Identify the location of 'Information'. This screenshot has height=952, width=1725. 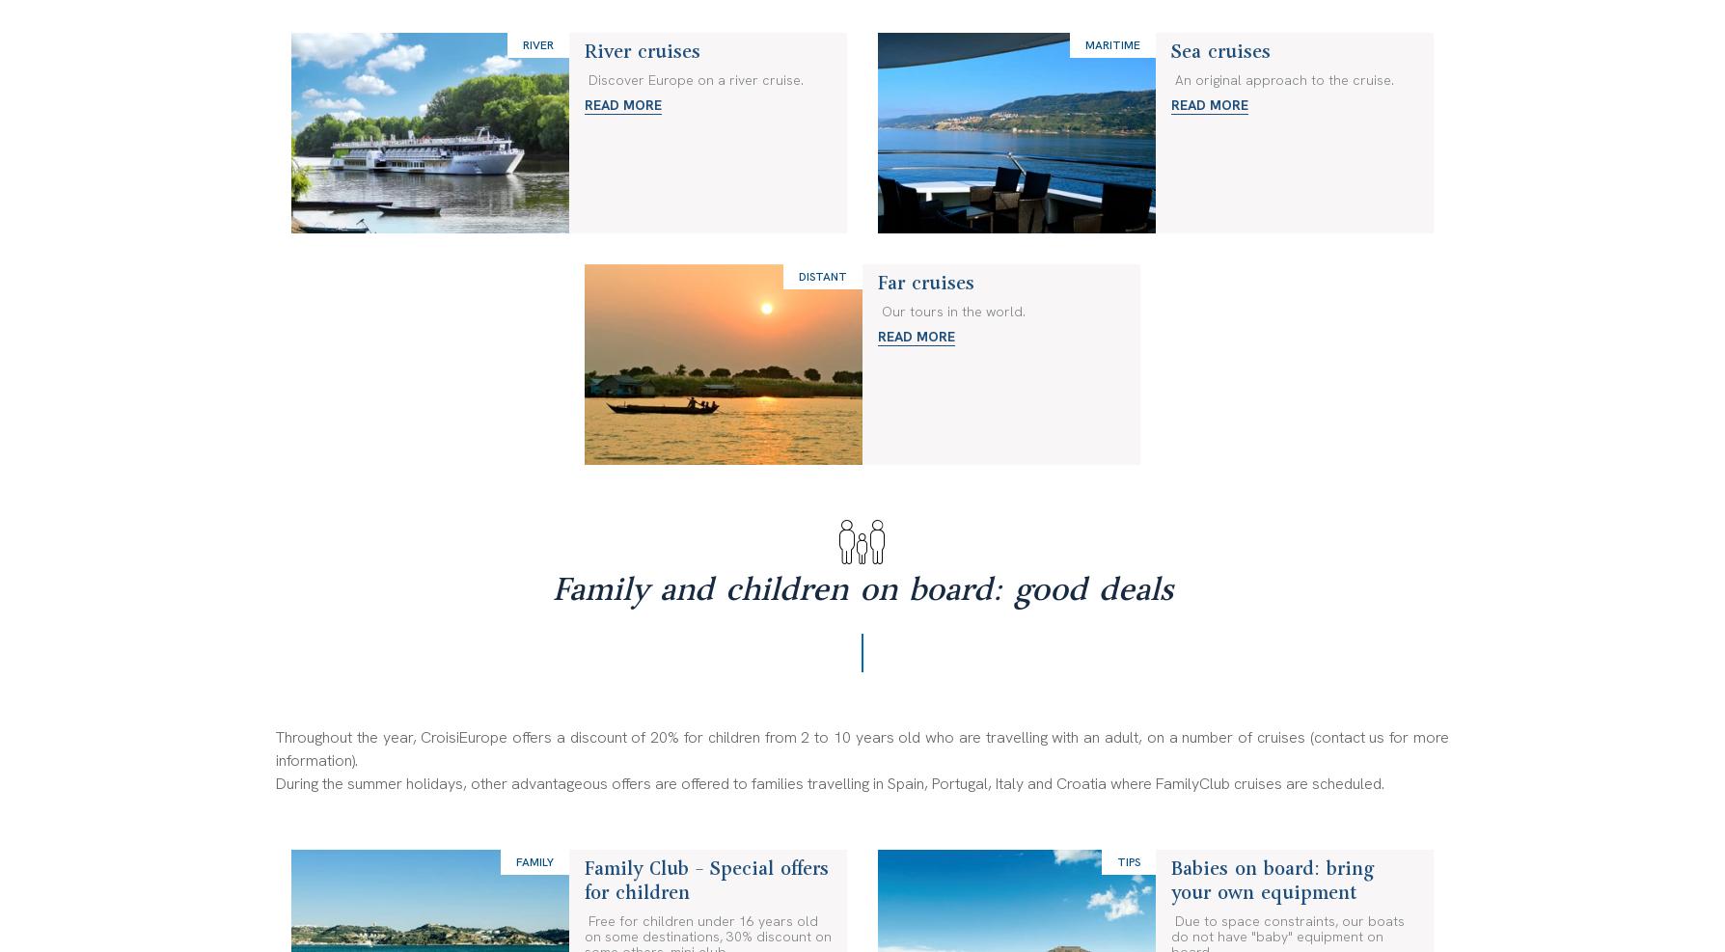
(630, 14).